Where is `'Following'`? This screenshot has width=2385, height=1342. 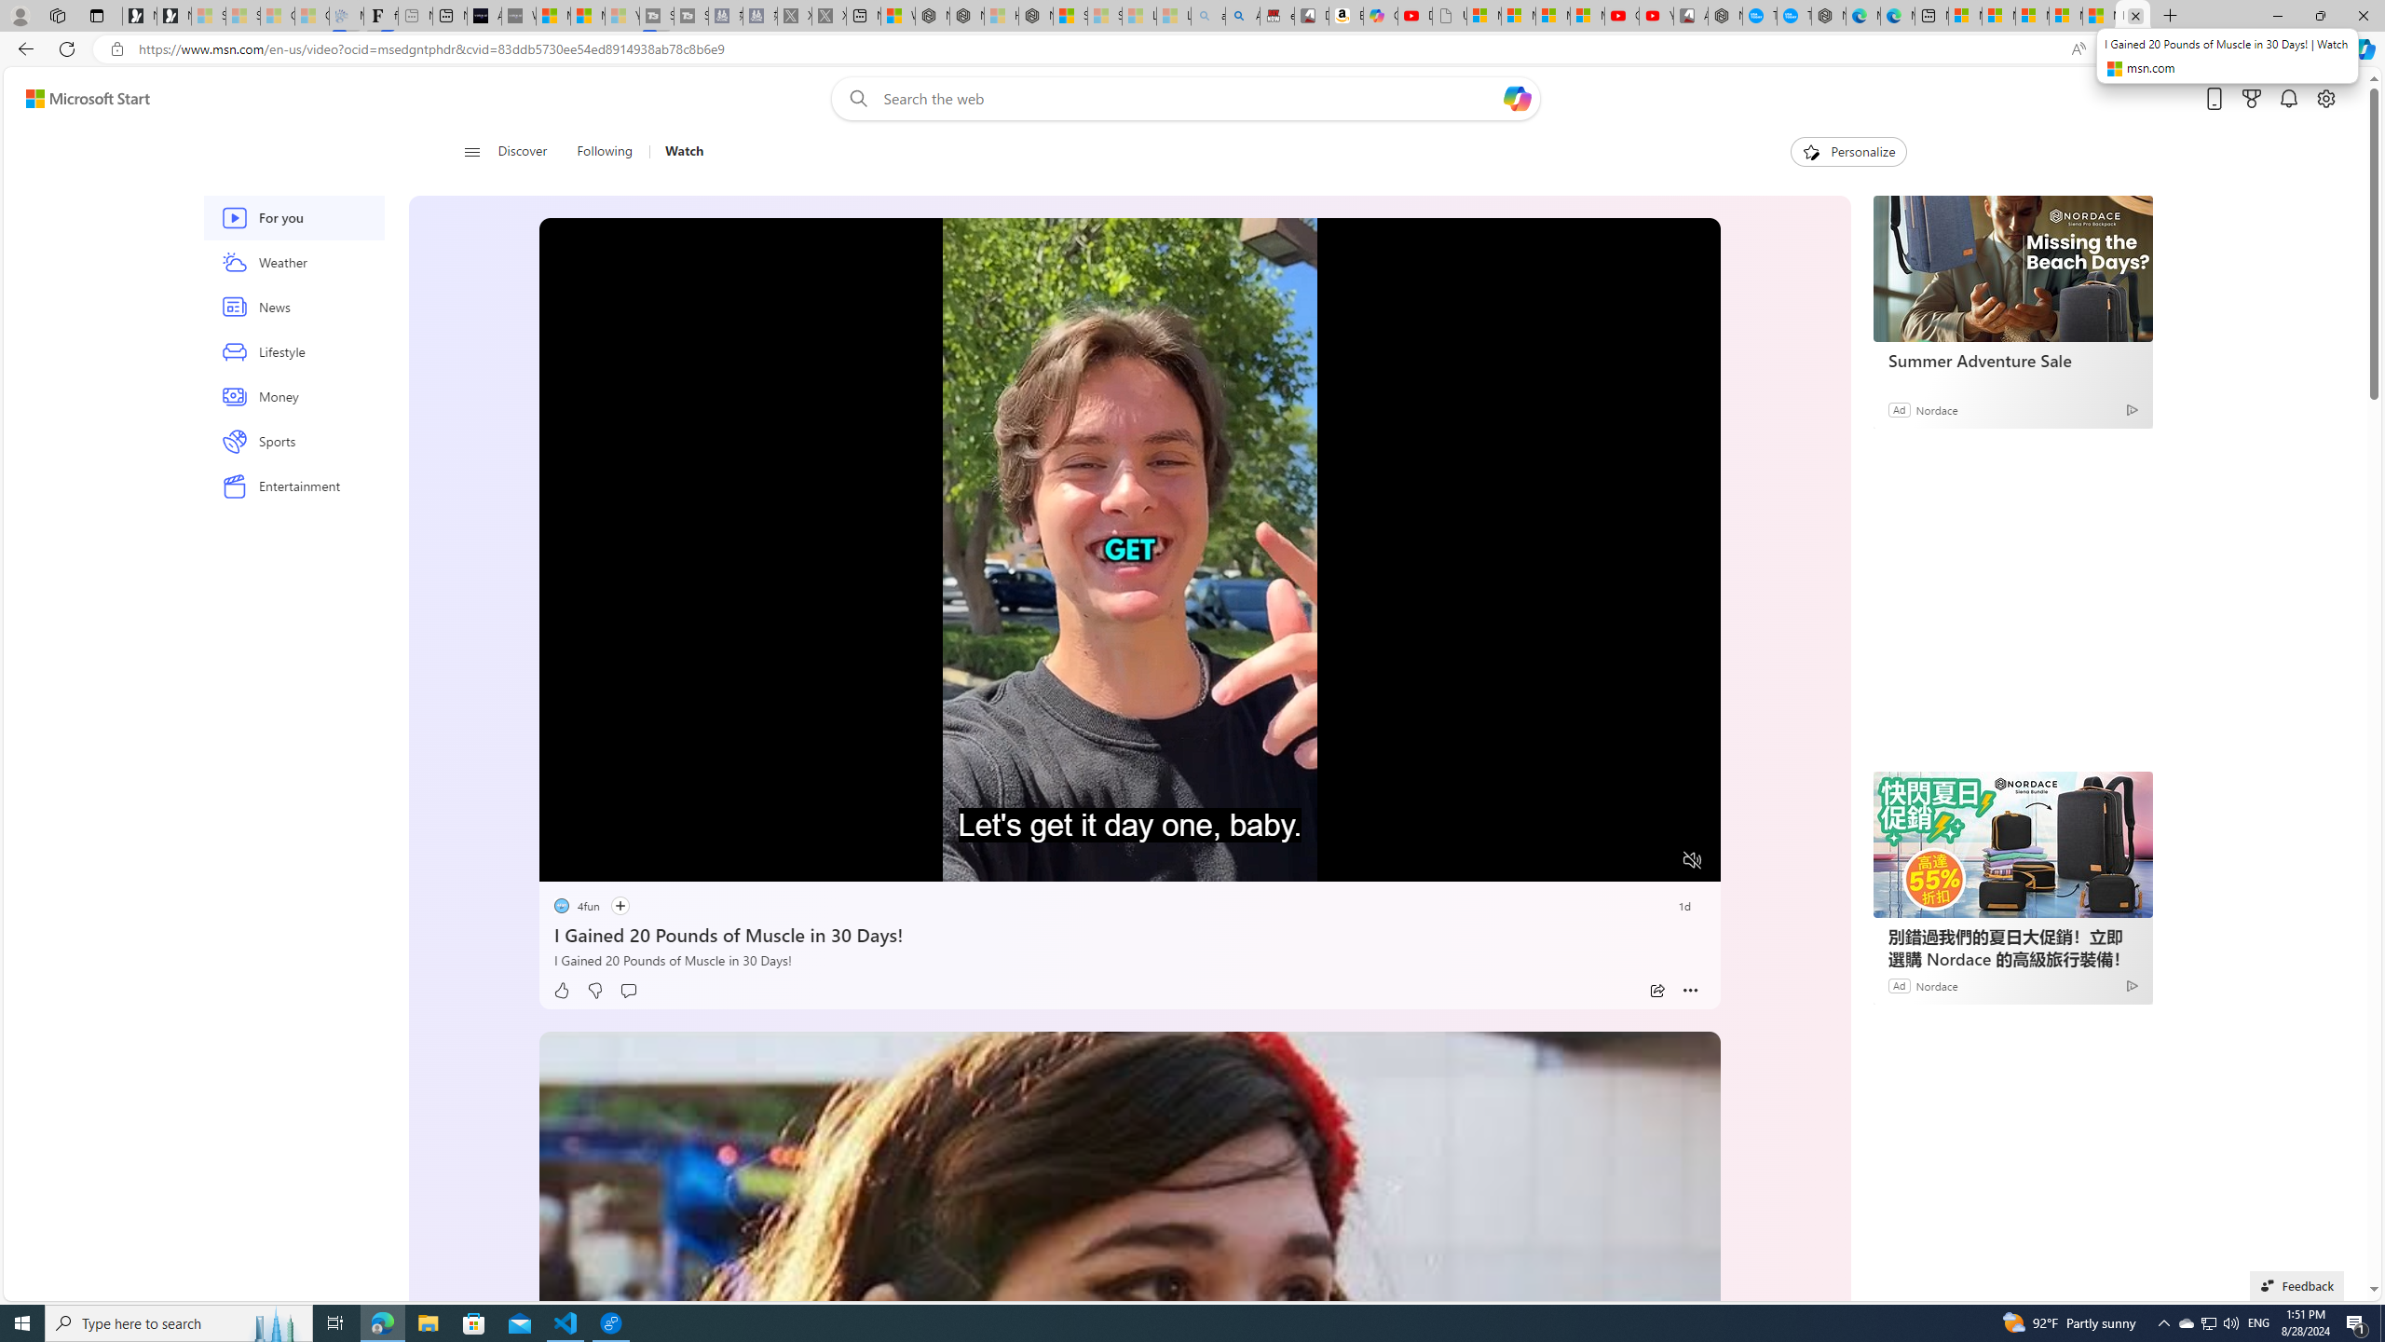 'Following' is located at coordinates (604, 151).